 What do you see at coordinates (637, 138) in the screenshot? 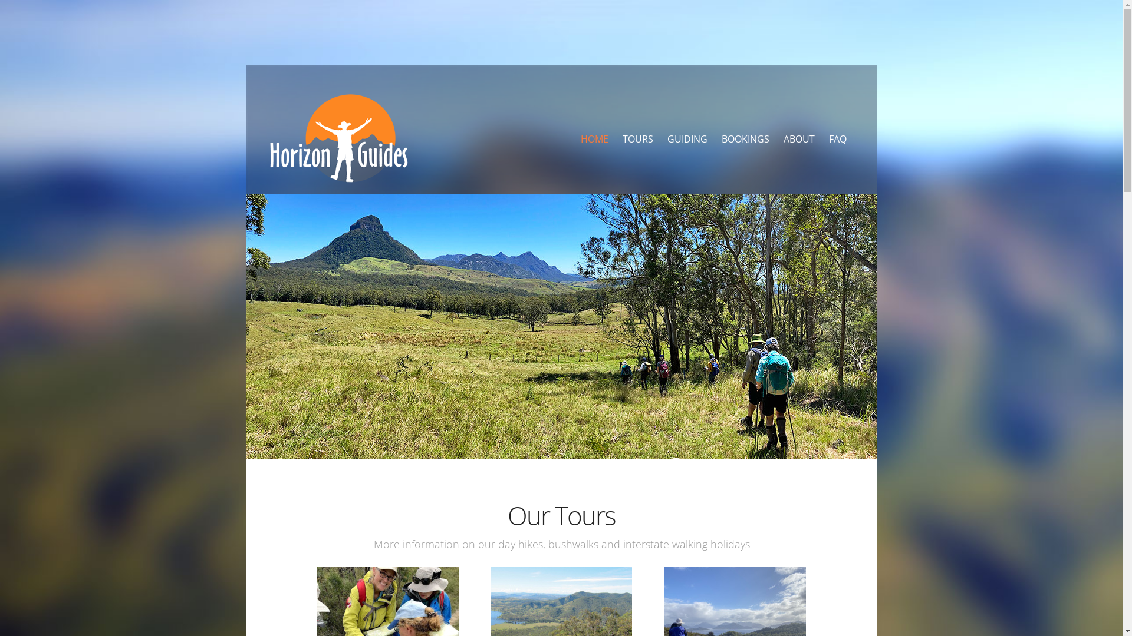
I see `'TOURS'` at bounding box center [637, 138].